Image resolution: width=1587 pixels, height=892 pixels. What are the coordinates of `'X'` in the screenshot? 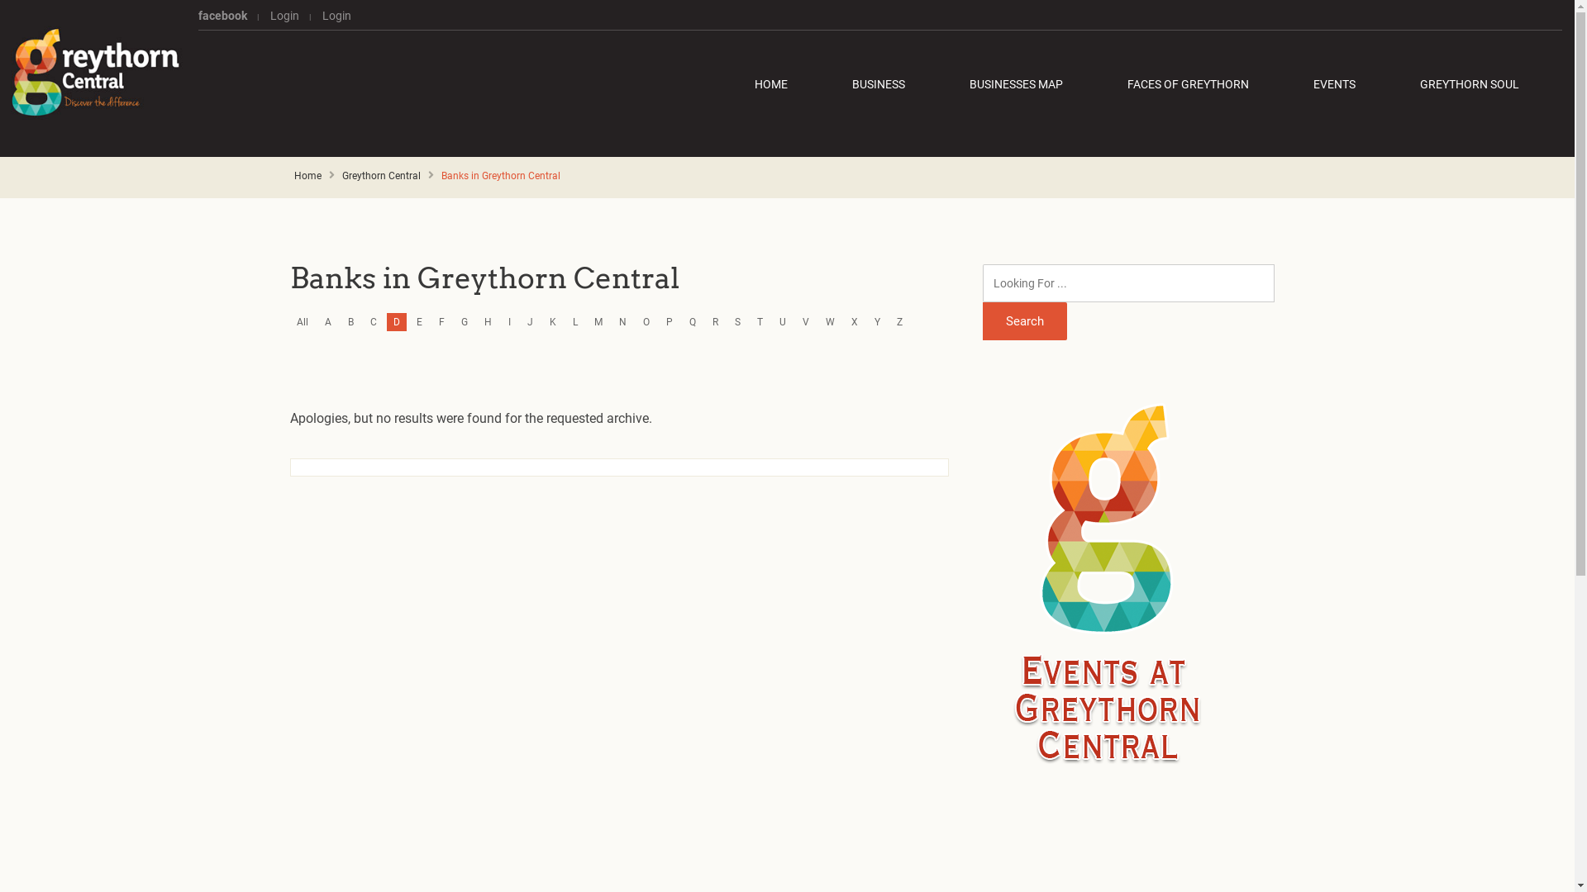 It's located at (854, 321).